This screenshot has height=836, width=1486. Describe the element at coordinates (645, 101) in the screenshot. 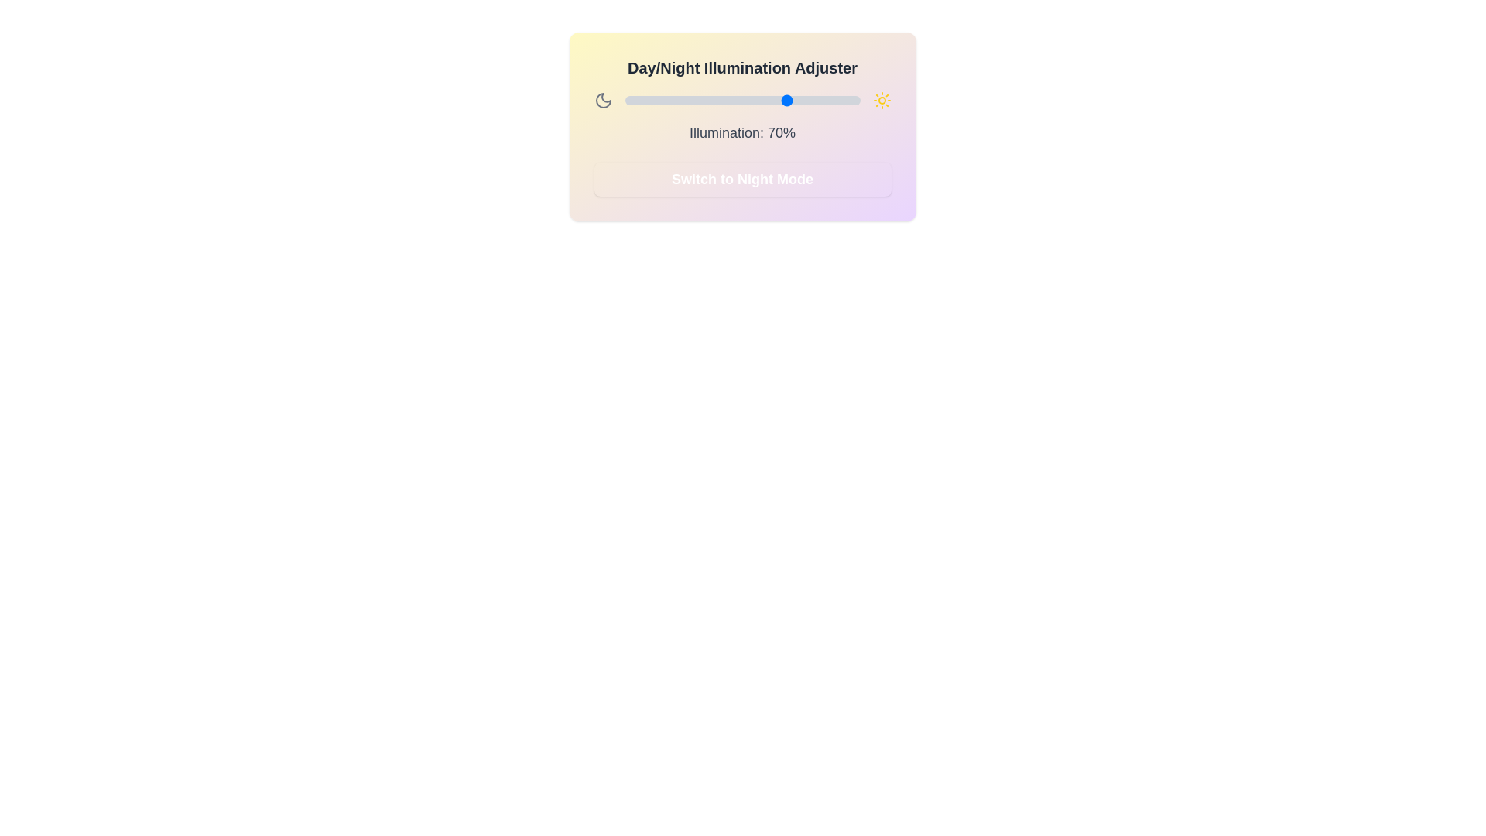

I see `the illumination level to 9% by dragging the slider` at that location.